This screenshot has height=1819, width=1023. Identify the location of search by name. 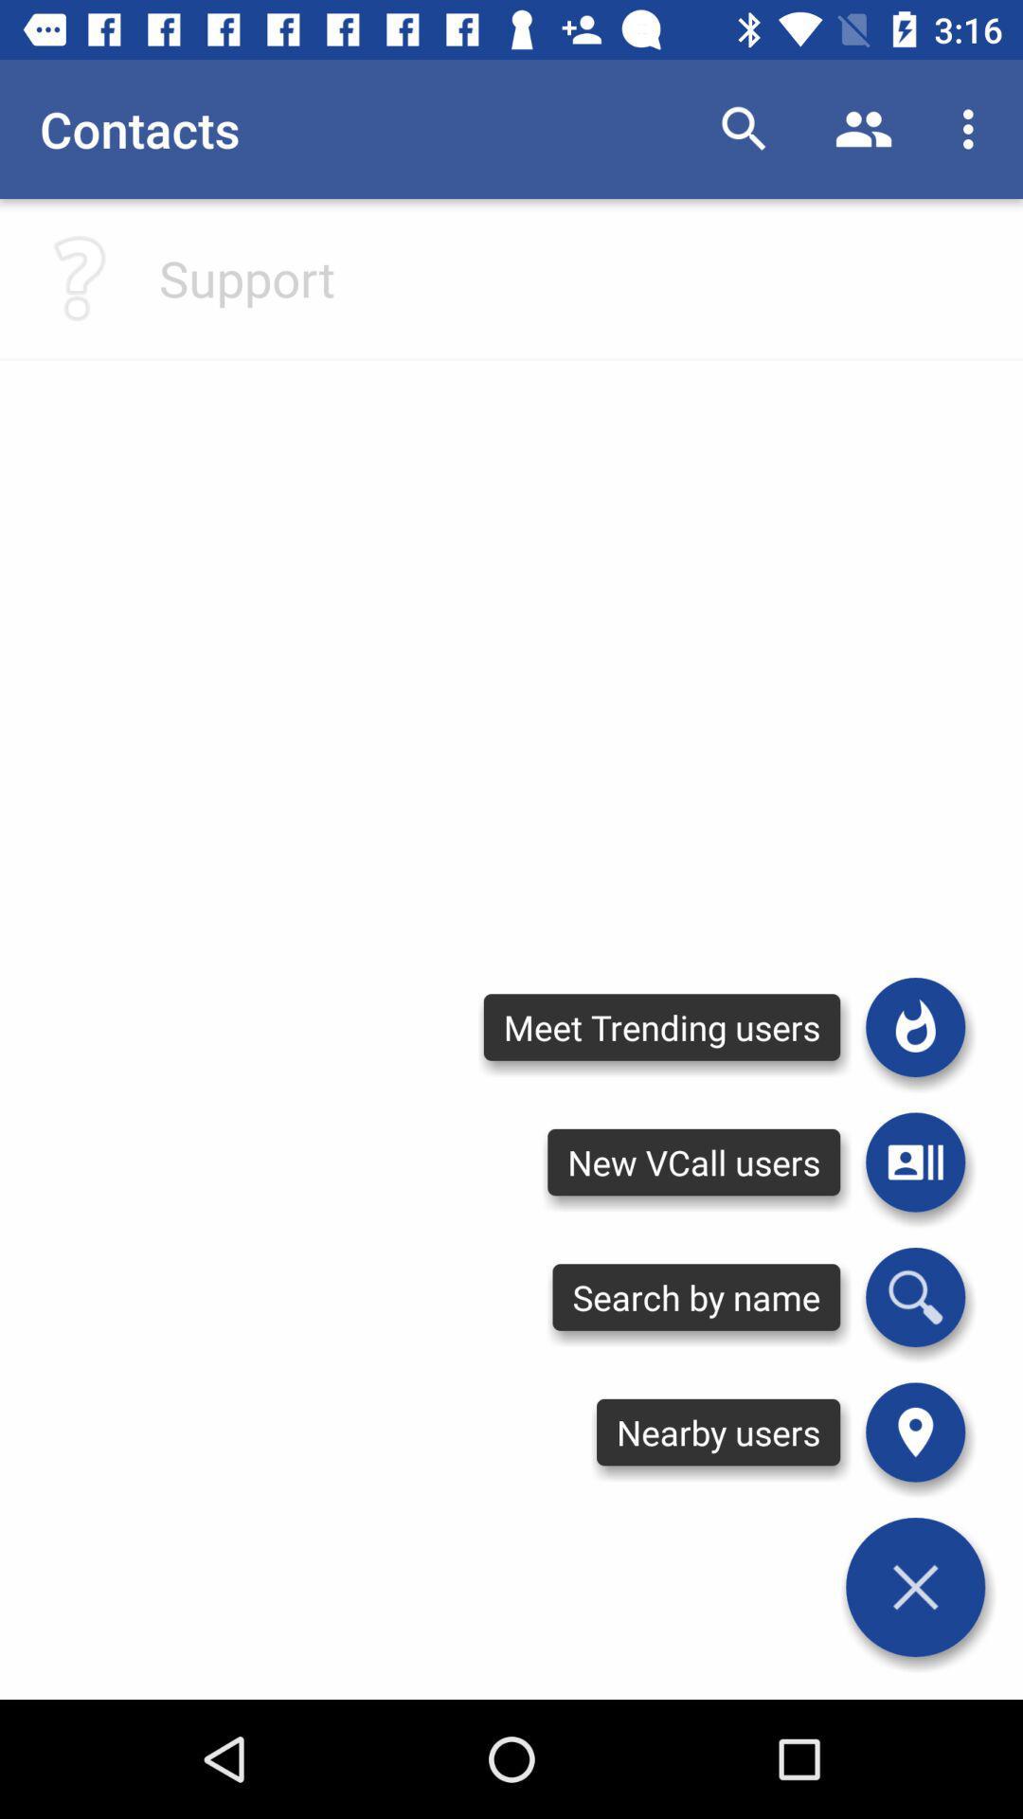
(914, 1296).